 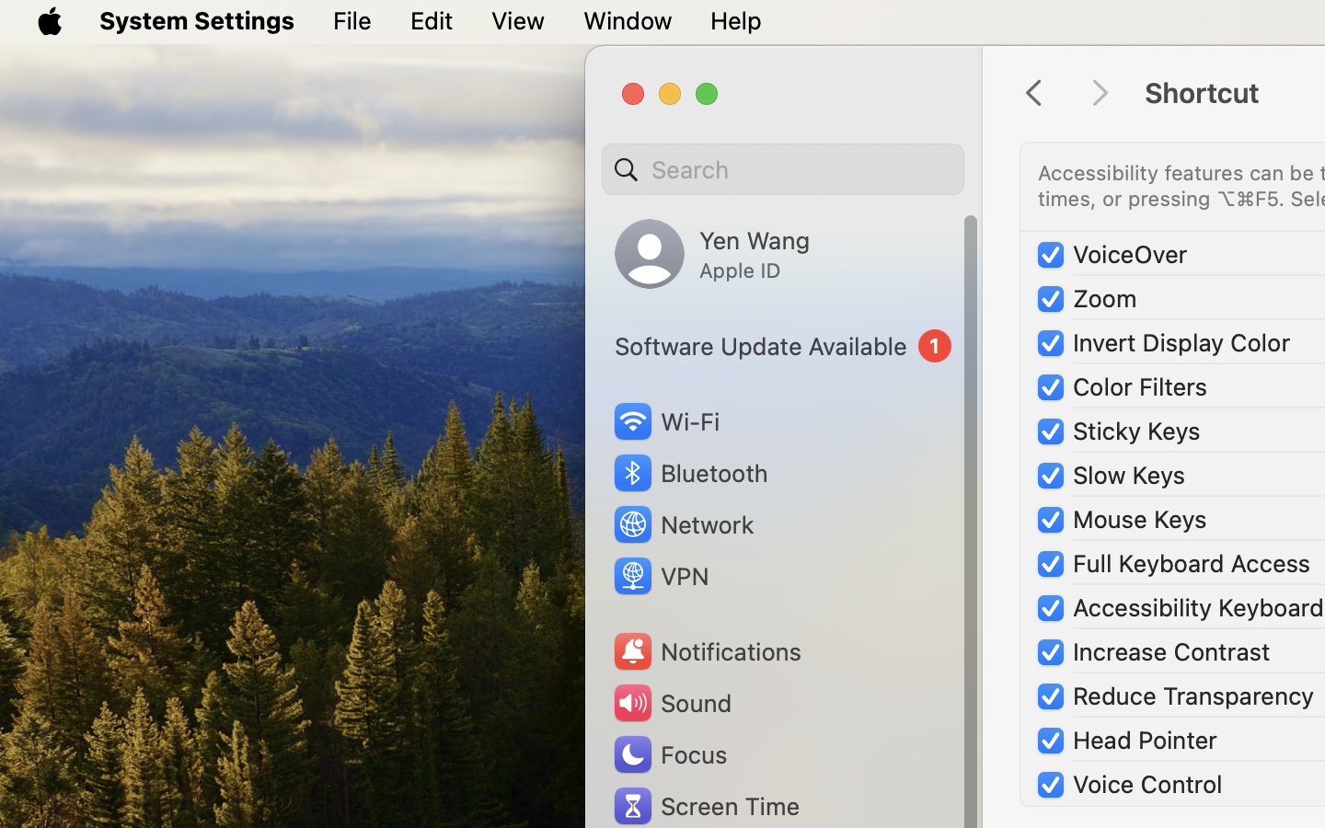 What do you see at coordinates (664, 420) in the screenshot?
I see `'Wi‑Fi'` at bounding box center [664, 420].